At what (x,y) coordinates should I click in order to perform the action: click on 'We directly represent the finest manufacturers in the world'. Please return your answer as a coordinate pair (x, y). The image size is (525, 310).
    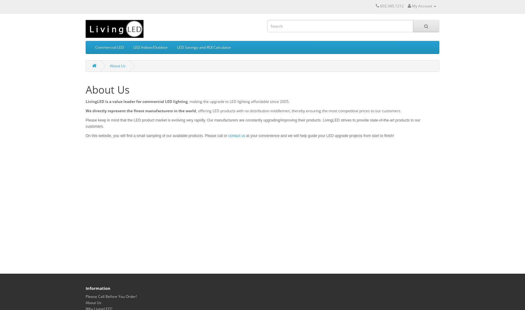
    Looking at the image, I should click on (140, 110).